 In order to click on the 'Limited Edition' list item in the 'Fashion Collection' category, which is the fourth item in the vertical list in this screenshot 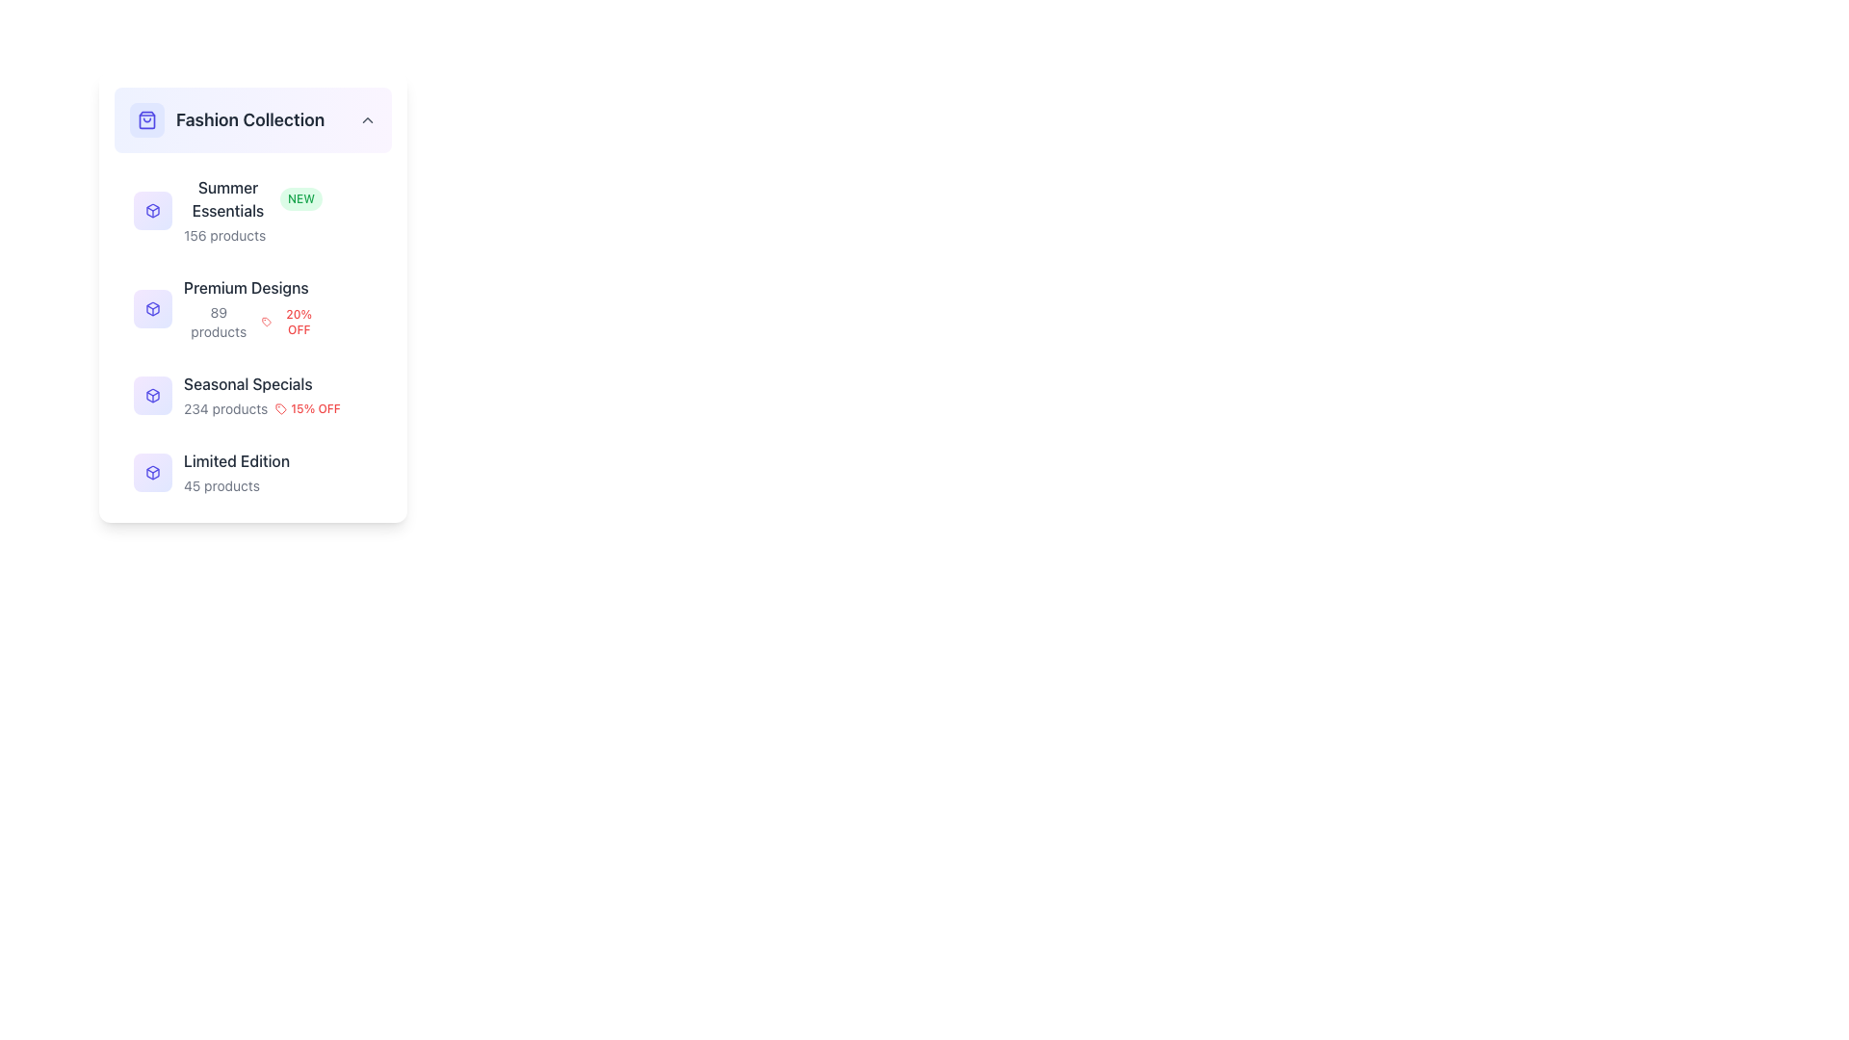, I will do `click(227, 472)`.